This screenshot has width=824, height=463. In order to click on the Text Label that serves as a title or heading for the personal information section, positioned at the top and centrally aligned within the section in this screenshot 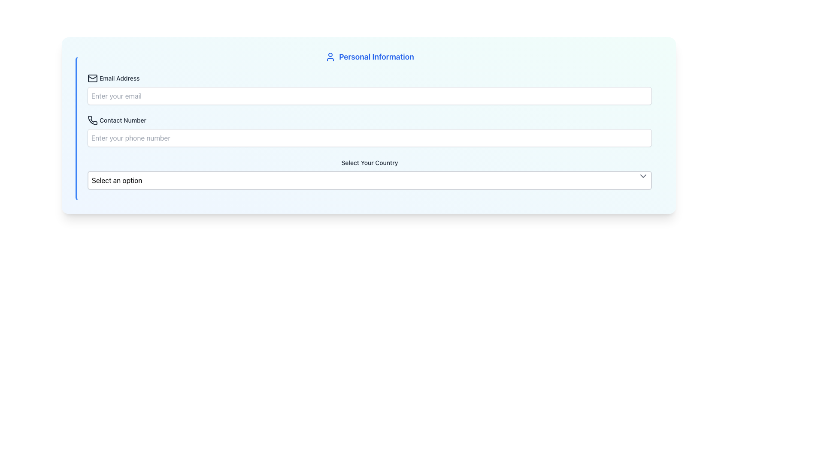, I will do `click(370, 57)`.